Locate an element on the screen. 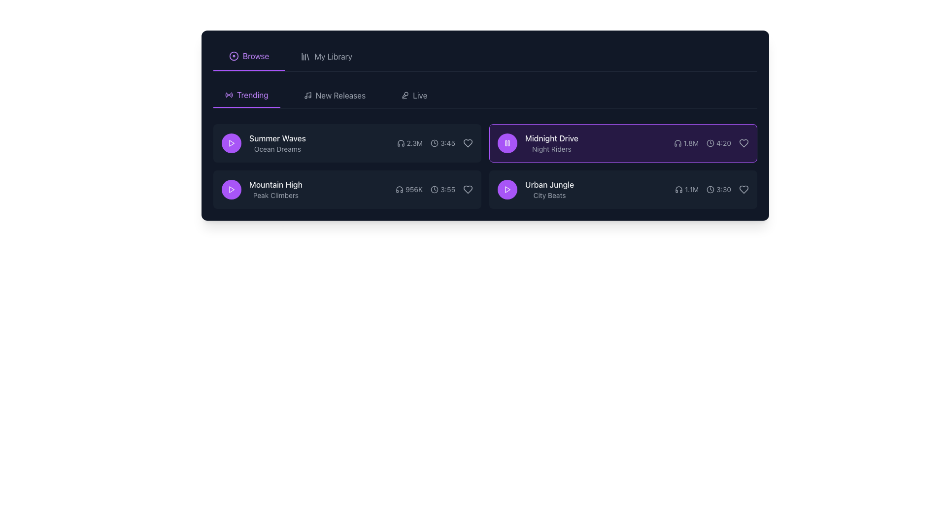  the 'Live' menu icon located in the top-right corner of the navigation bar is located at coordinates (405, 95).